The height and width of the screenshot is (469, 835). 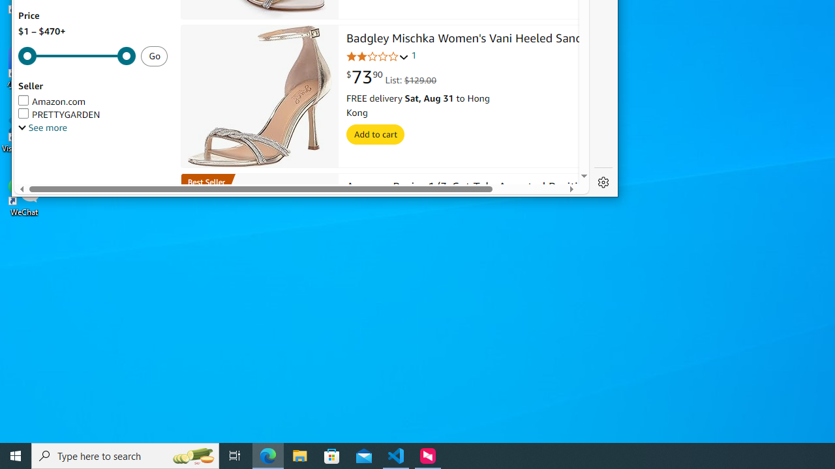 What do you see at coordinates (469, 39) in the screenshot?
I see `'Badgley Mischka Women'` at bounding box center [469, 39].